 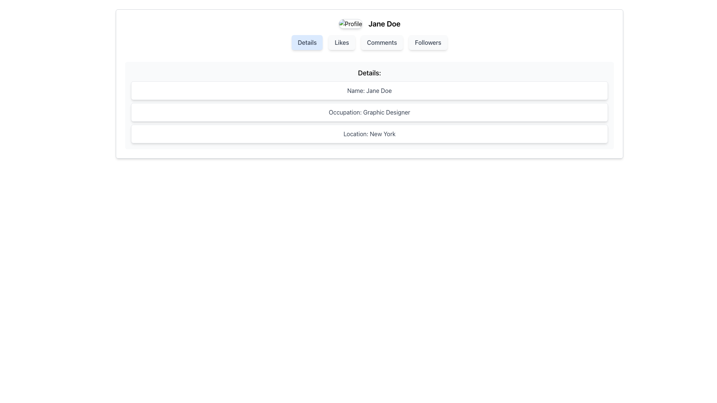 What do you see at coordinates (428, 43) in the screenshot?
I see `the 'Followers' button to prepare for keyboard interaction` at bounding box center [428, 43].